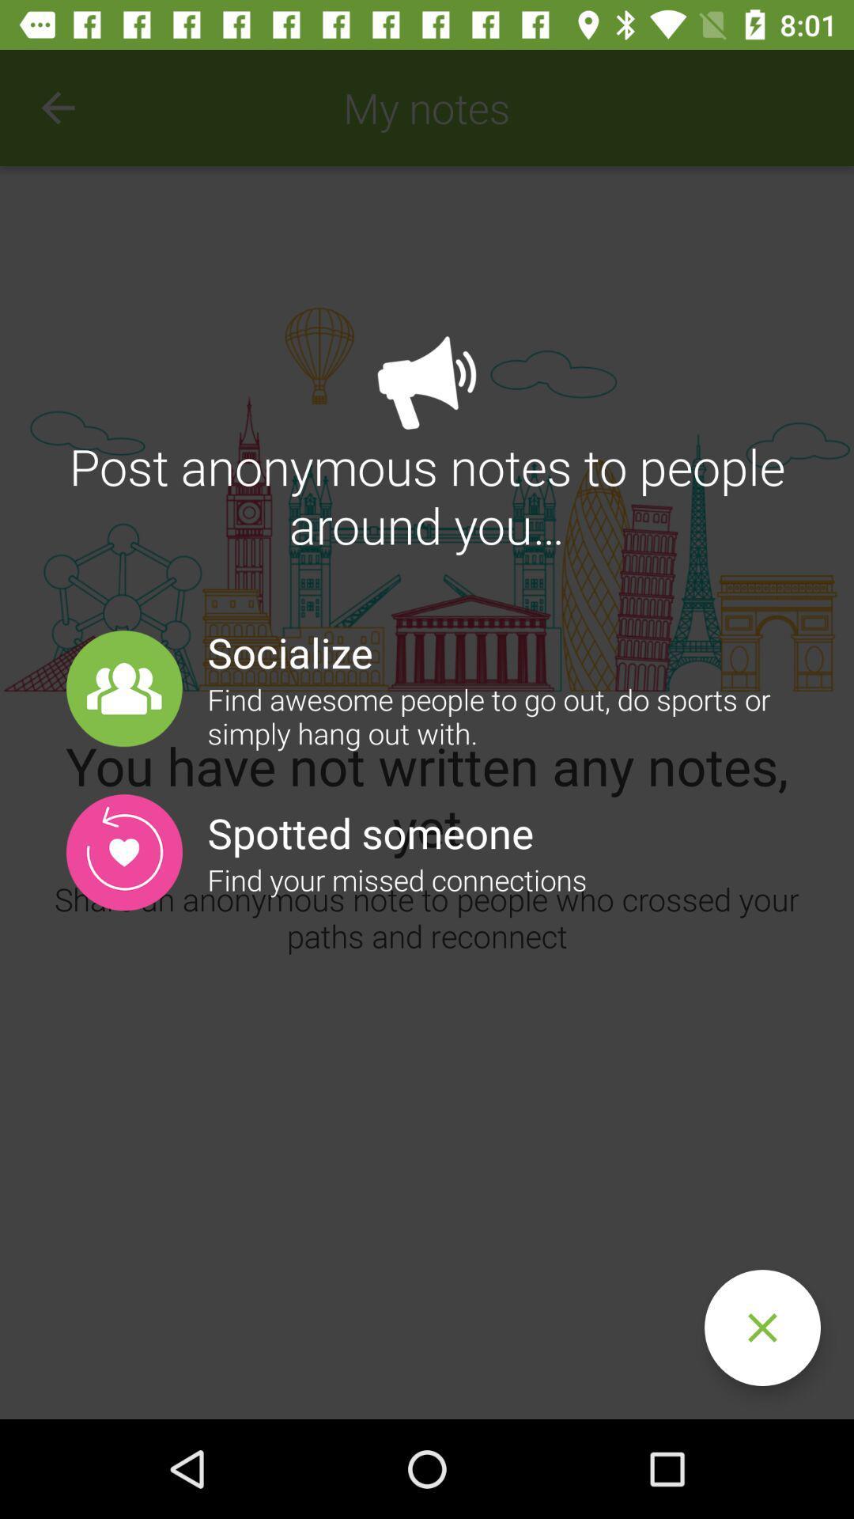 The image size is (854, 1519). I want to click on the close icon, so click(761, 1328).